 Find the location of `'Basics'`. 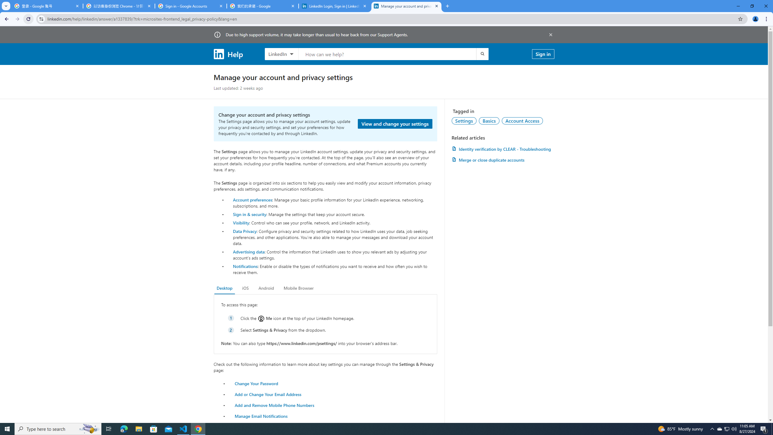

'Basics' is located at coordinates (489, 120).